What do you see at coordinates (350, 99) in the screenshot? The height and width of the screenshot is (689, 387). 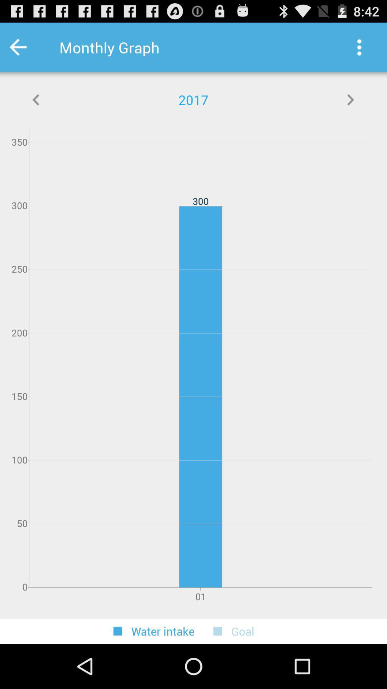 I see `next page` at bounding box center [350, 99].